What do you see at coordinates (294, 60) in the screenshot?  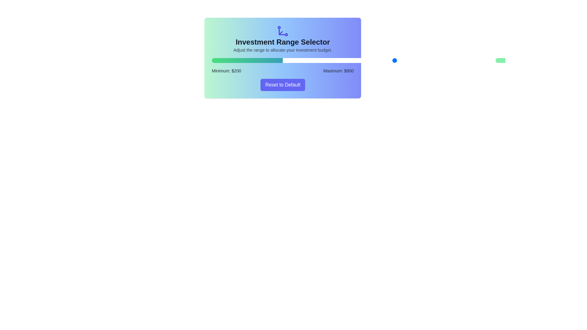 I see `the minimum investment range slider to 83` at bounding box center [294, 60].